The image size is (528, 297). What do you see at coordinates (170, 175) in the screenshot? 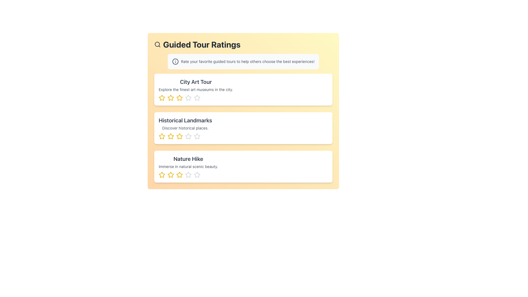
I see `the third star in the rating section for the 'Nature Hike' entry` at bounding box center [170, 175].